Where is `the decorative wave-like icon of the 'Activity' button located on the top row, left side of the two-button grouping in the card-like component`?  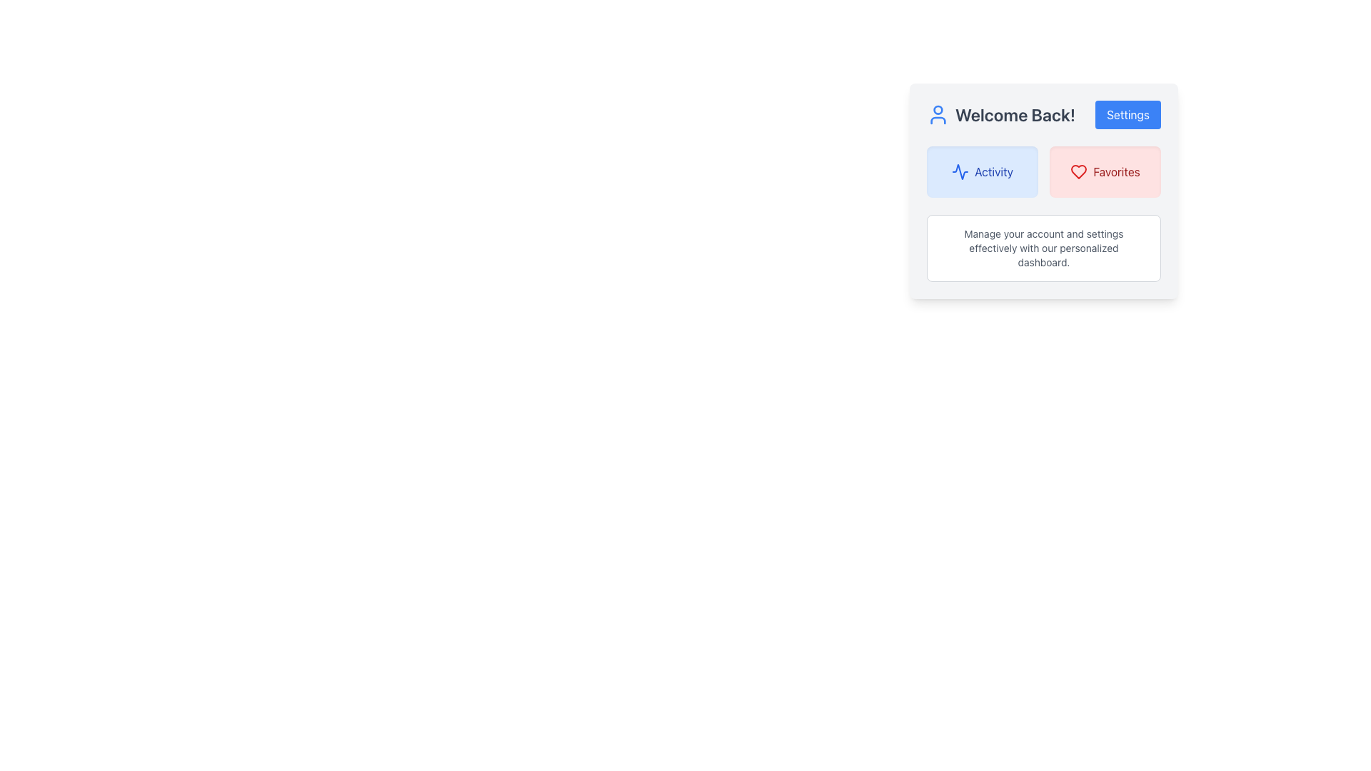 the decorative wave-like icon of the 'Activity' button located on the top row, left side of the two-button grouping in the card-like component is located at coordinates (960, 171).